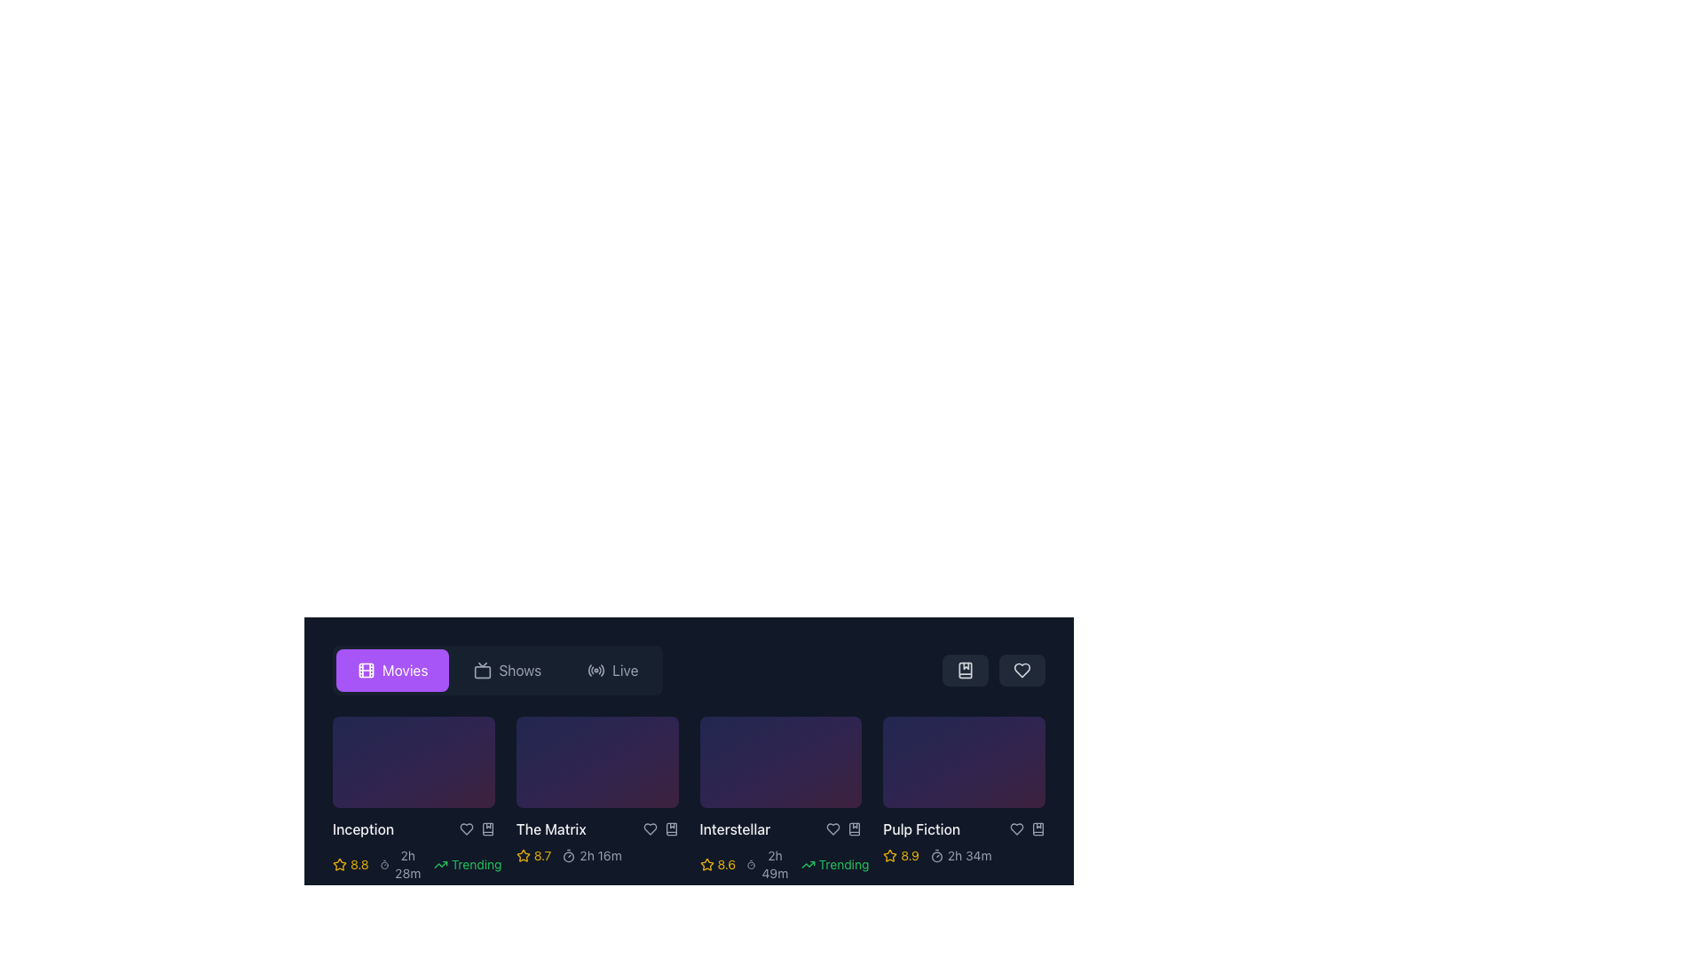  What do you see at coordinates (362, 828) in the screenshot?
I see `the text display element that shows the title 'Inception', located at the bottom of the content block` at bounding box center [362, 828].